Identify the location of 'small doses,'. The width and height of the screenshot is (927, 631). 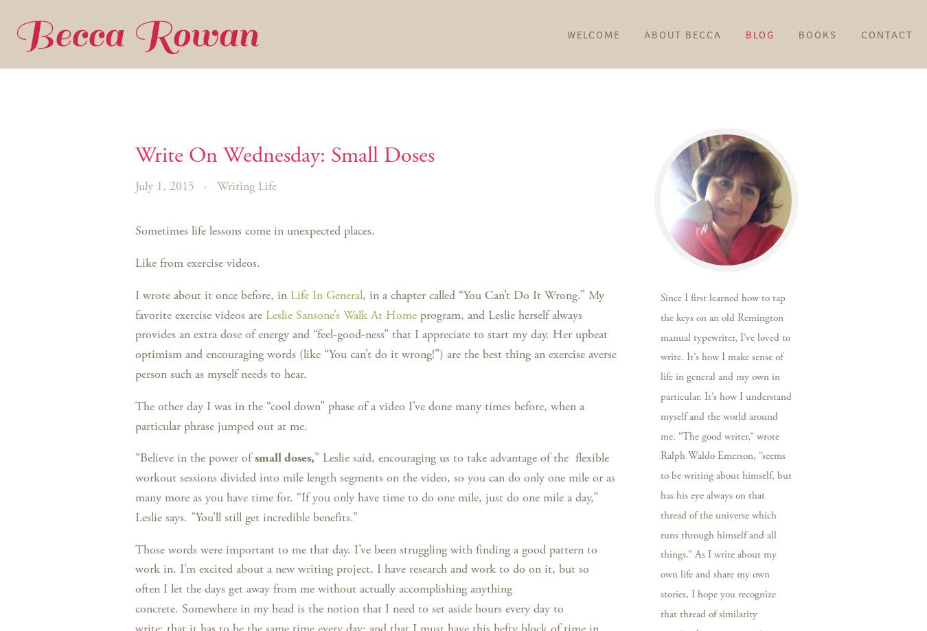
(284, 457).